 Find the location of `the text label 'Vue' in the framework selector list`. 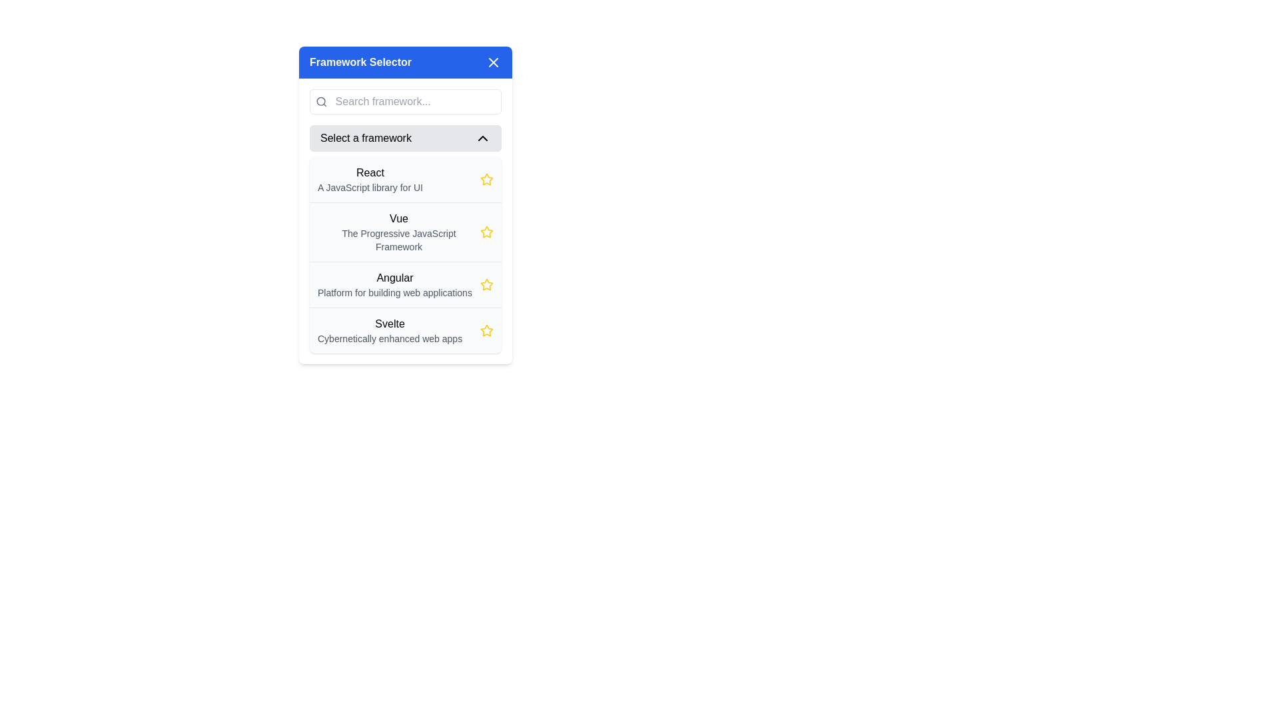

the text label 'Vue' in the framework selector list is located at coordinates (398, 231).